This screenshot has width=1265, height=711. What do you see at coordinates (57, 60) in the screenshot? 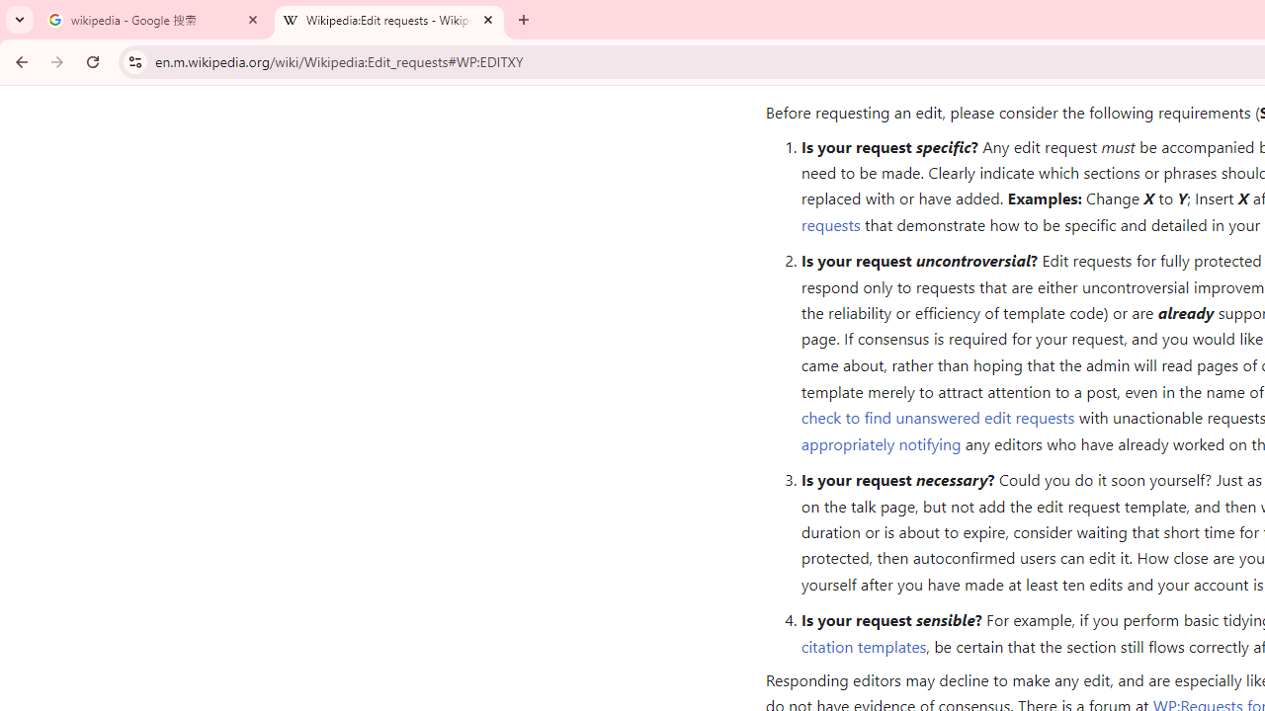
I see `'Forward'` at bounding box center [57, 60].